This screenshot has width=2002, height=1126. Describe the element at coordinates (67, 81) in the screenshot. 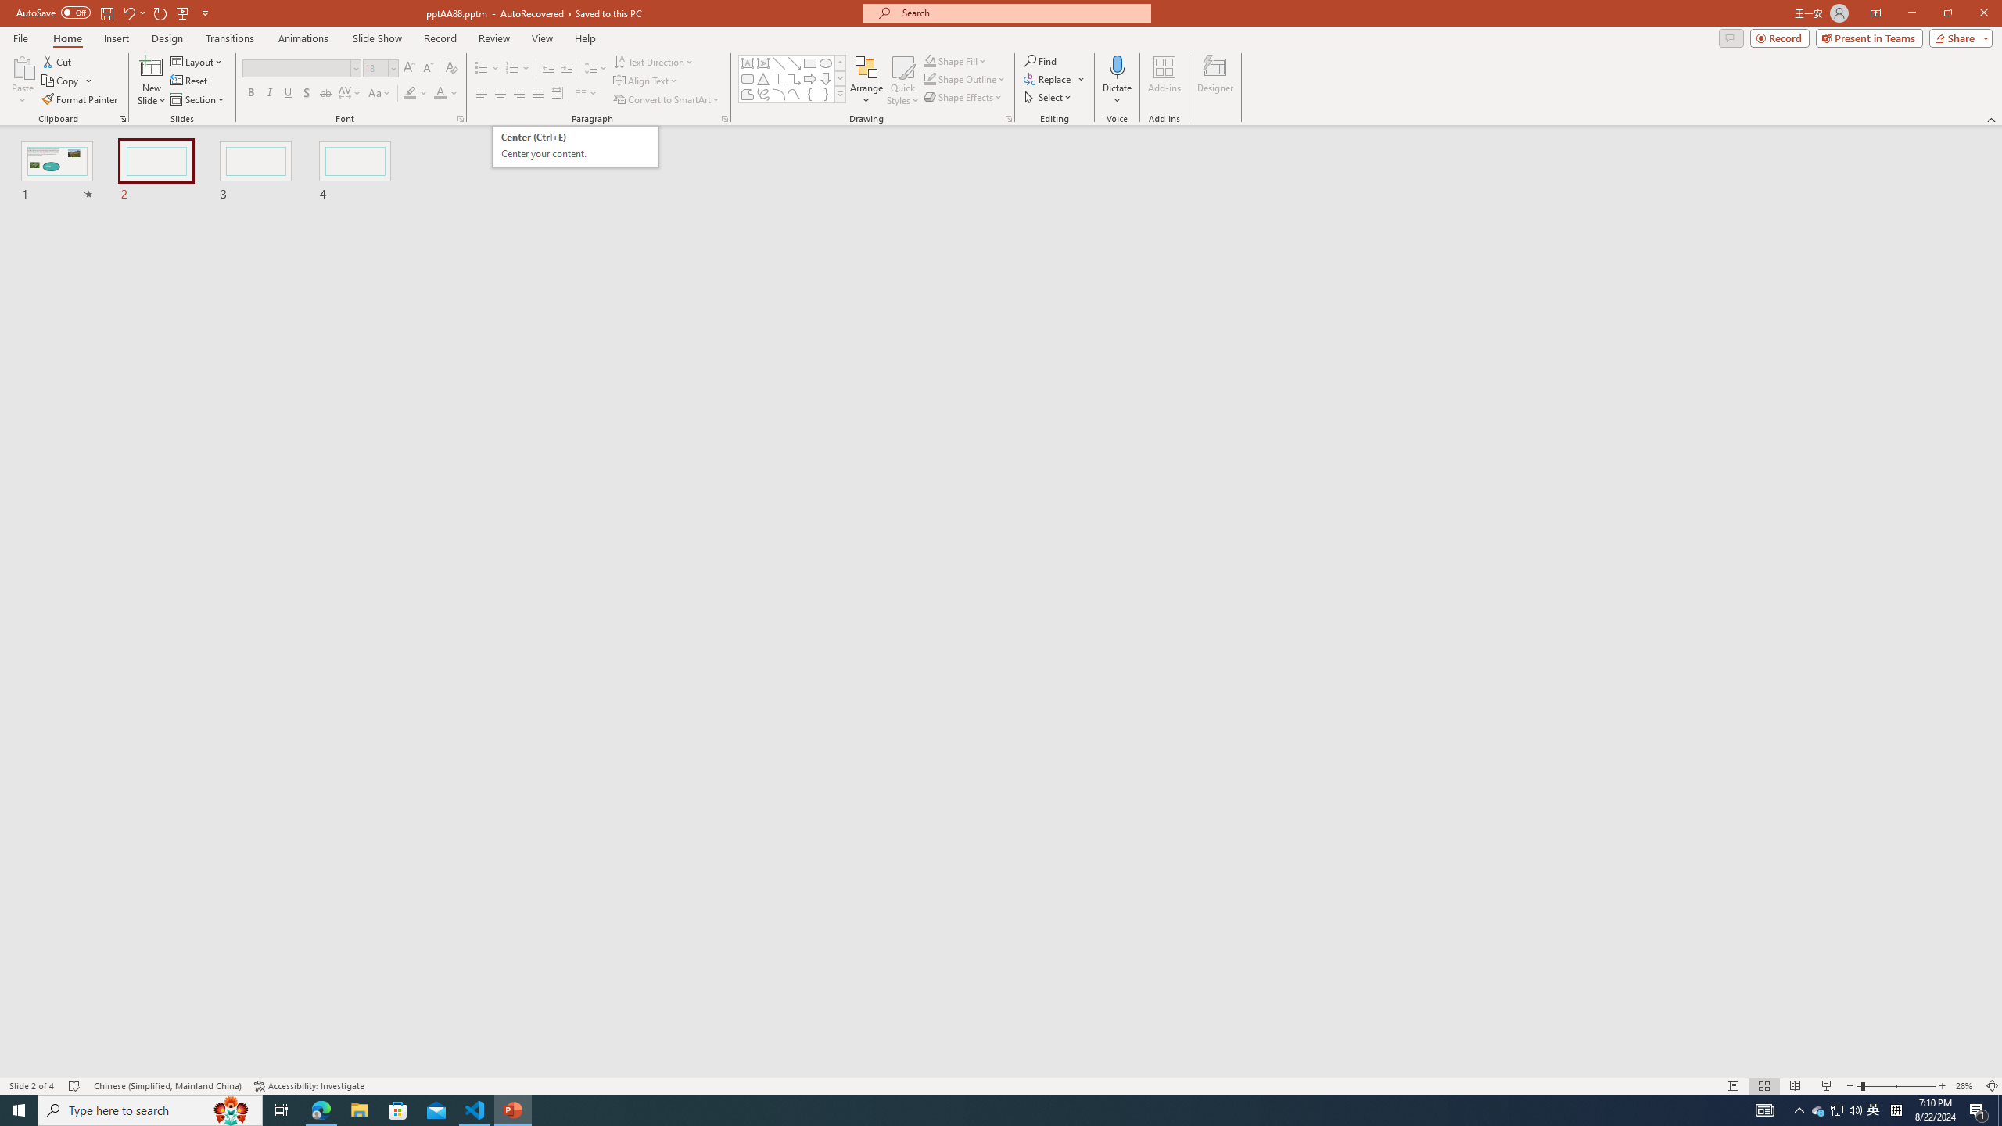

I see `'Copy'` at that location.